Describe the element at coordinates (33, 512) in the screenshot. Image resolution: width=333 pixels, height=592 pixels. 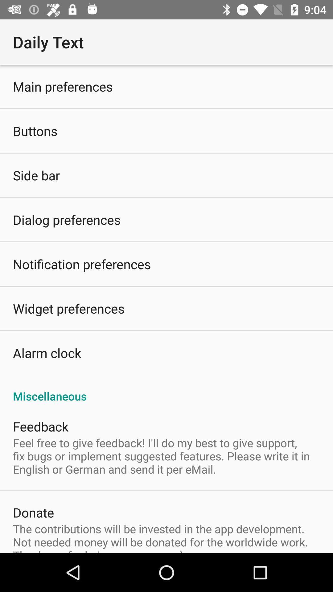
I see `the icon below the feel free to app` at that location.